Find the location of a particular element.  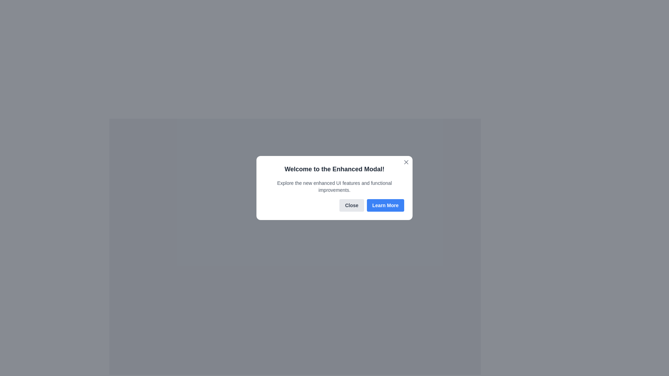

informational text block located below the 'Welcome to the Enhanced Modal!' text and above the 'Close' and 'Learn More' buttons is located at coordinates (334, 186).